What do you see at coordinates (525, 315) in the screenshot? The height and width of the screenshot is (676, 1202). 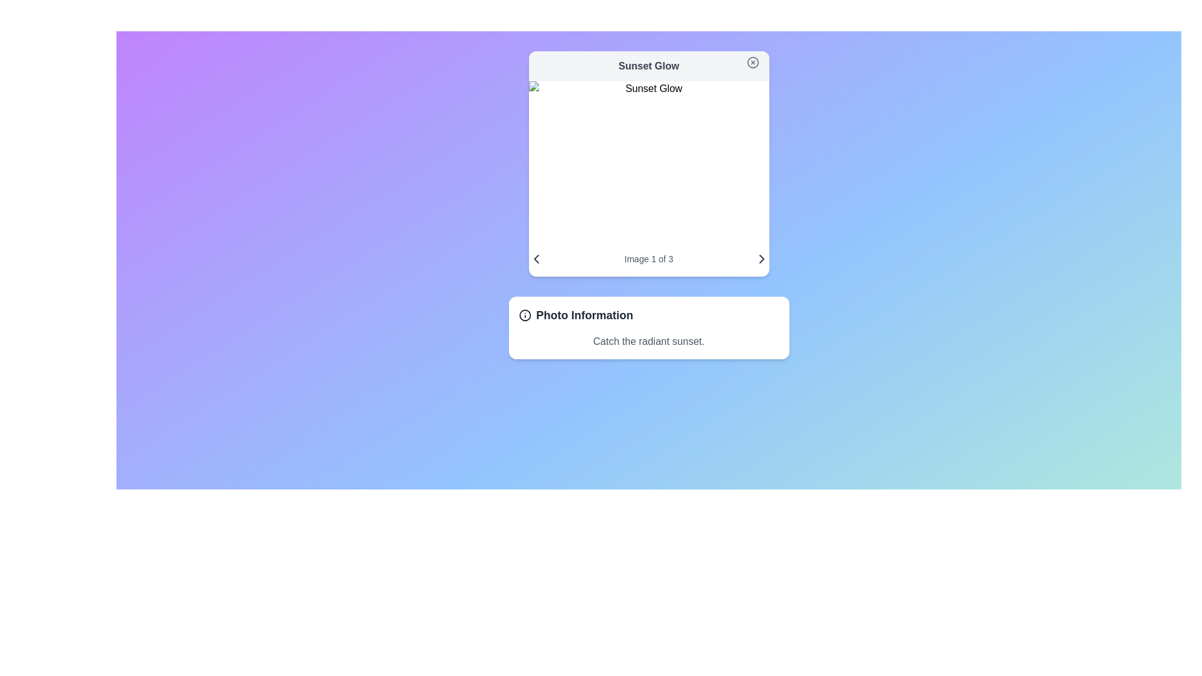 I see `the circular information icon containing a lowercase 'i', which is positioned to the left of the 'Photo Information' text label` at bounding box center [525, 315].